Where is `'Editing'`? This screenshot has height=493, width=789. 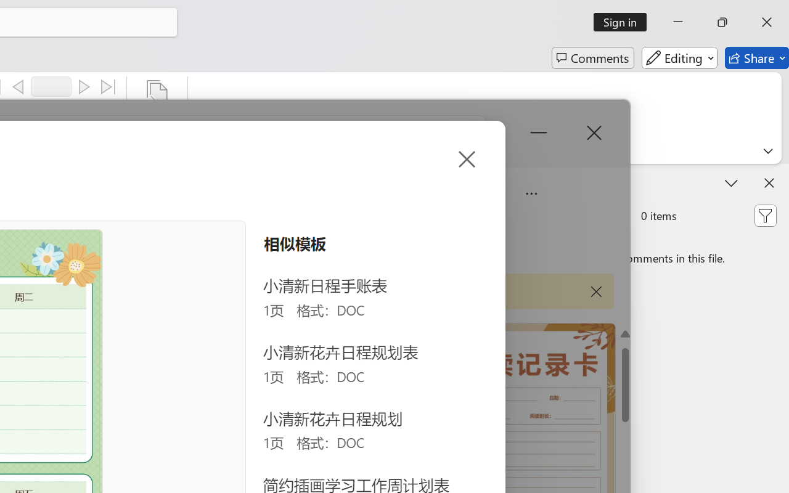 'Editing' is located at coordinates (679, 58).